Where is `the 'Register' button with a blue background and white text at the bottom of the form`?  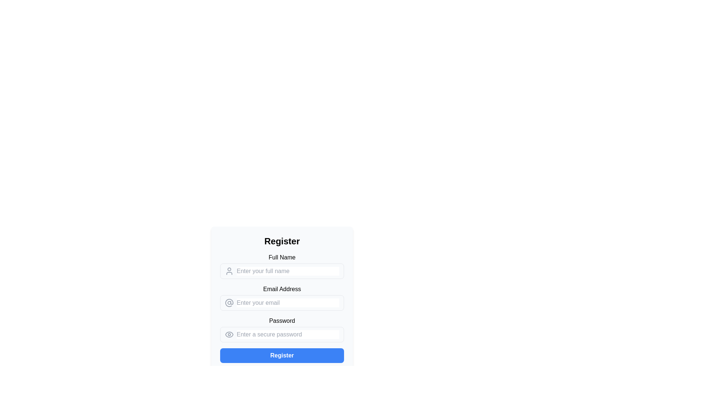 the 'Register' button with a blue background and white text at the bottom of the form is located at coordinates (281, 355).